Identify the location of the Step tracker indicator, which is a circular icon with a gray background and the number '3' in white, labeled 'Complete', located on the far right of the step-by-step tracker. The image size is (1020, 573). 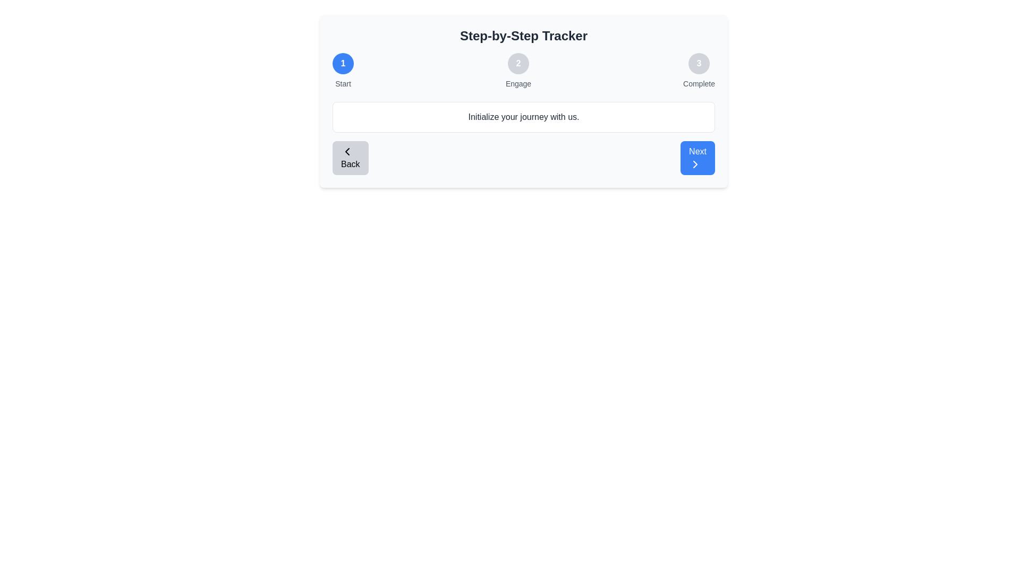
(699, 71).